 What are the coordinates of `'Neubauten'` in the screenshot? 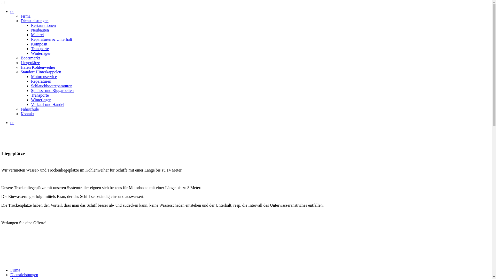 It's located at (40, 30).